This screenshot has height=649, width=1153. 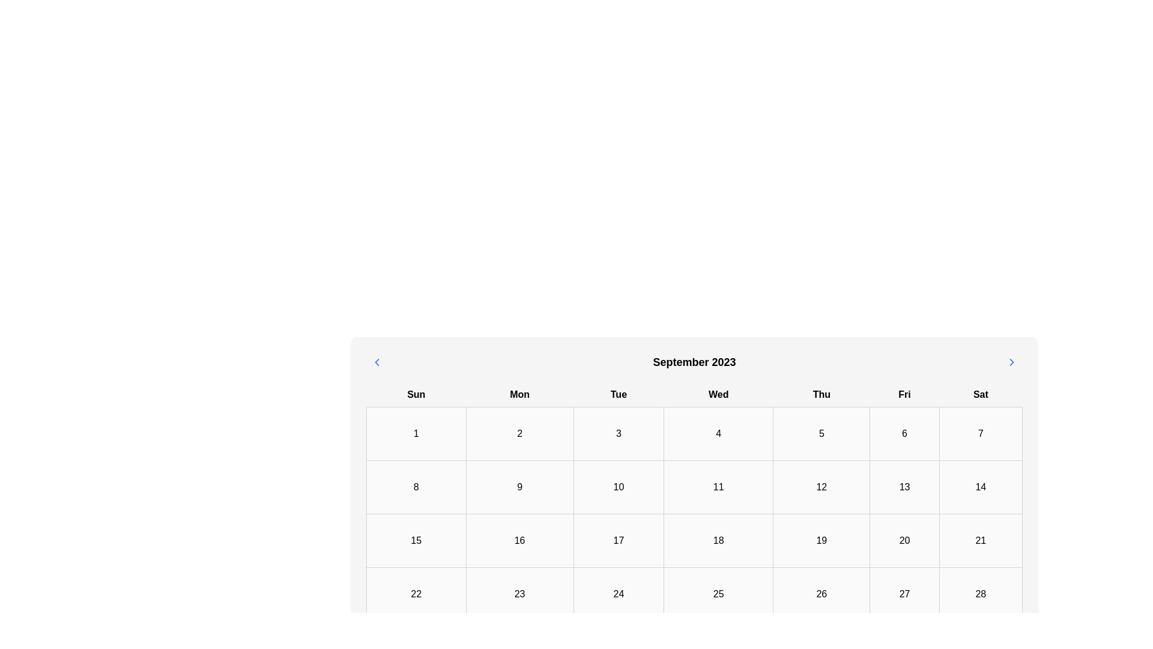 What do you see at coordinates (619, 540) in the screenshot?
I see `the calendar date cell displaying the number '17'` at bounding box center [619, 540].